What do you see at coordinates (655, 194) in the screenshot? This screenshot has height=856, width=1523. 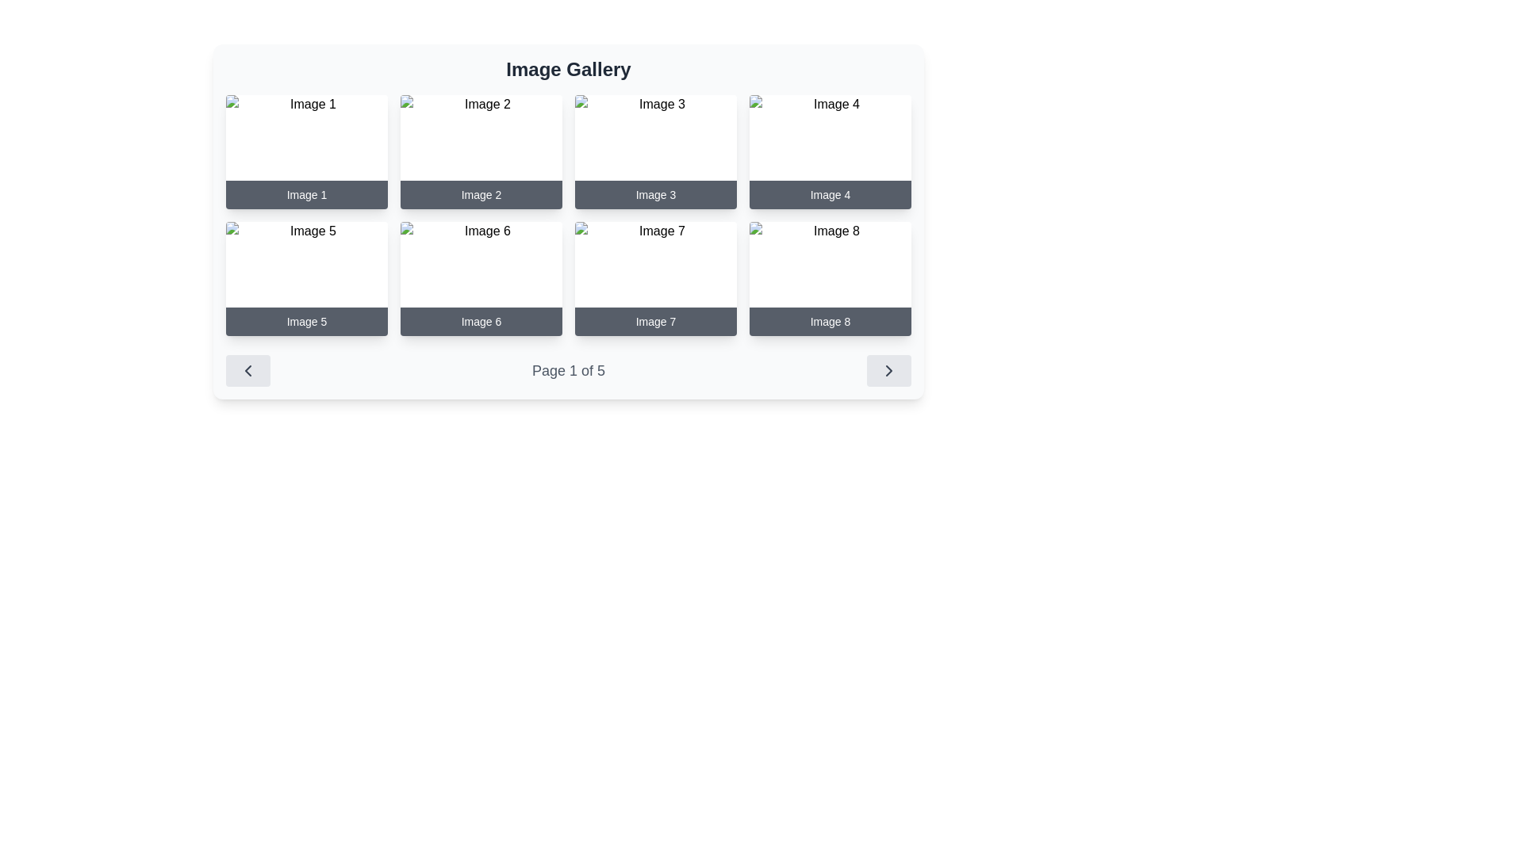 I see `the non-interactive text label at the bottom of the card representing 'Image 3' in the image gallery grid` at bounding box center [655, 194].